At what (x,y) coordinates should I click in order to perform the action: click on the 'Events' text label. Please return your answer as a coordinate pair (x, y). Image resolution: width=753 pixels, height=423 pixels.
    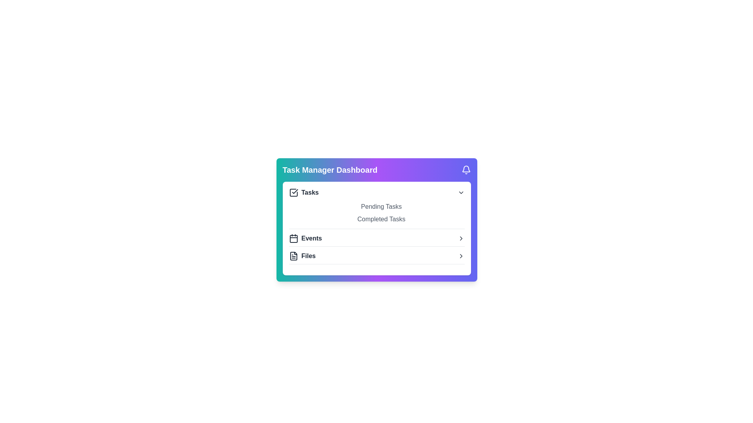
    Looking at the image, I should click on (311, 238).